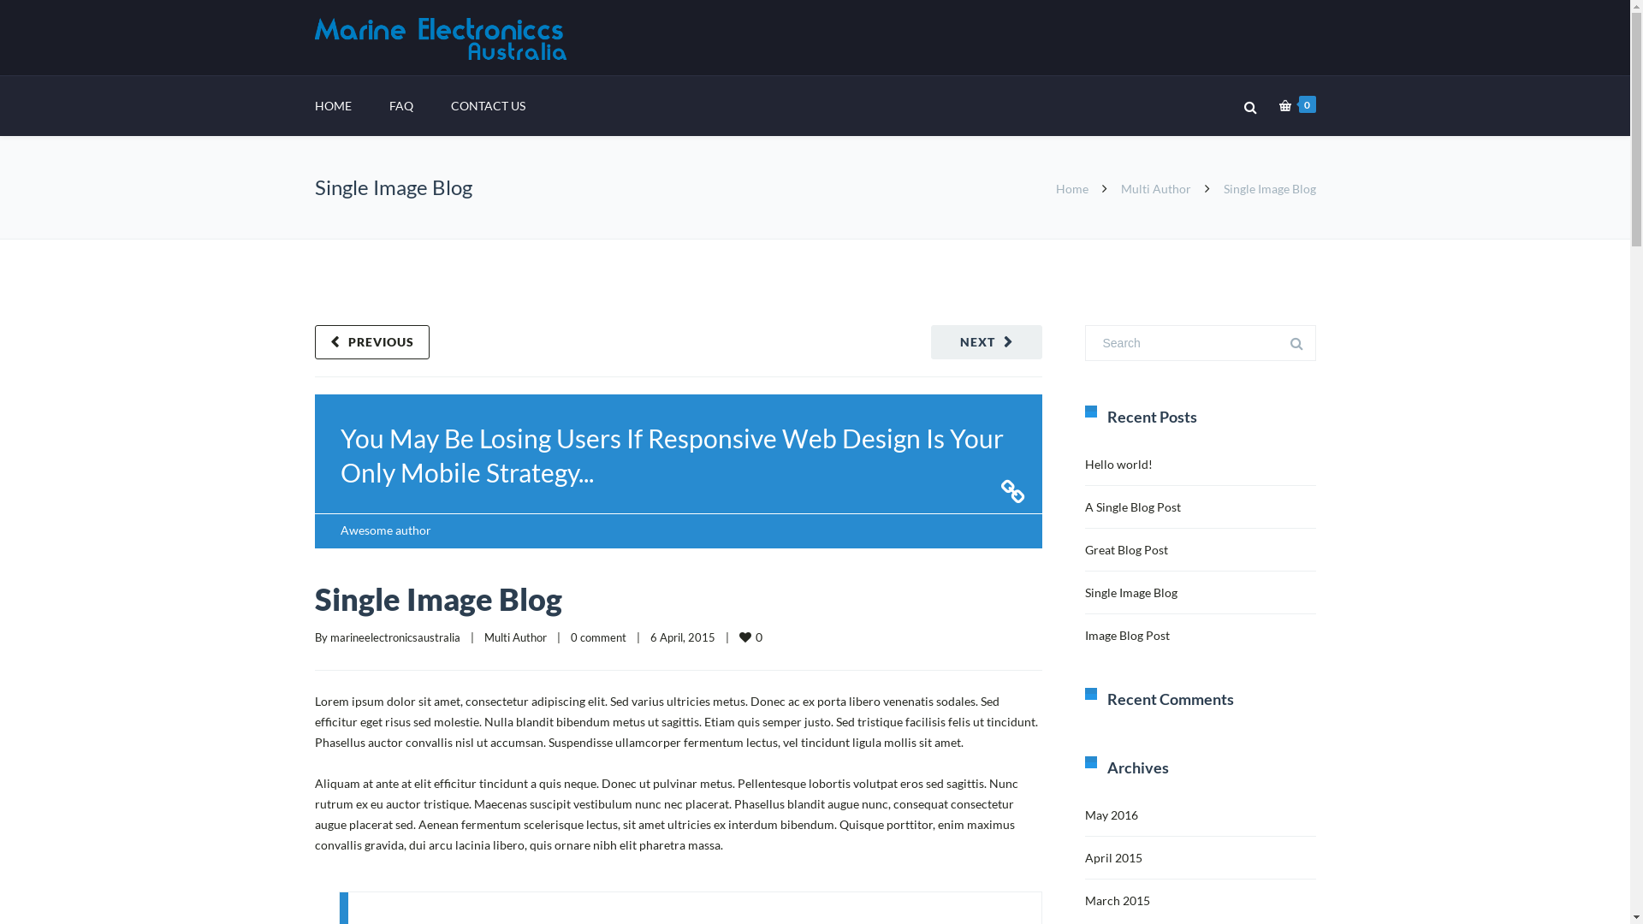  What do you see at coordinates (597, 637) in the screenshot?
I see `'0 comment'` at bounding box center [597, 637].